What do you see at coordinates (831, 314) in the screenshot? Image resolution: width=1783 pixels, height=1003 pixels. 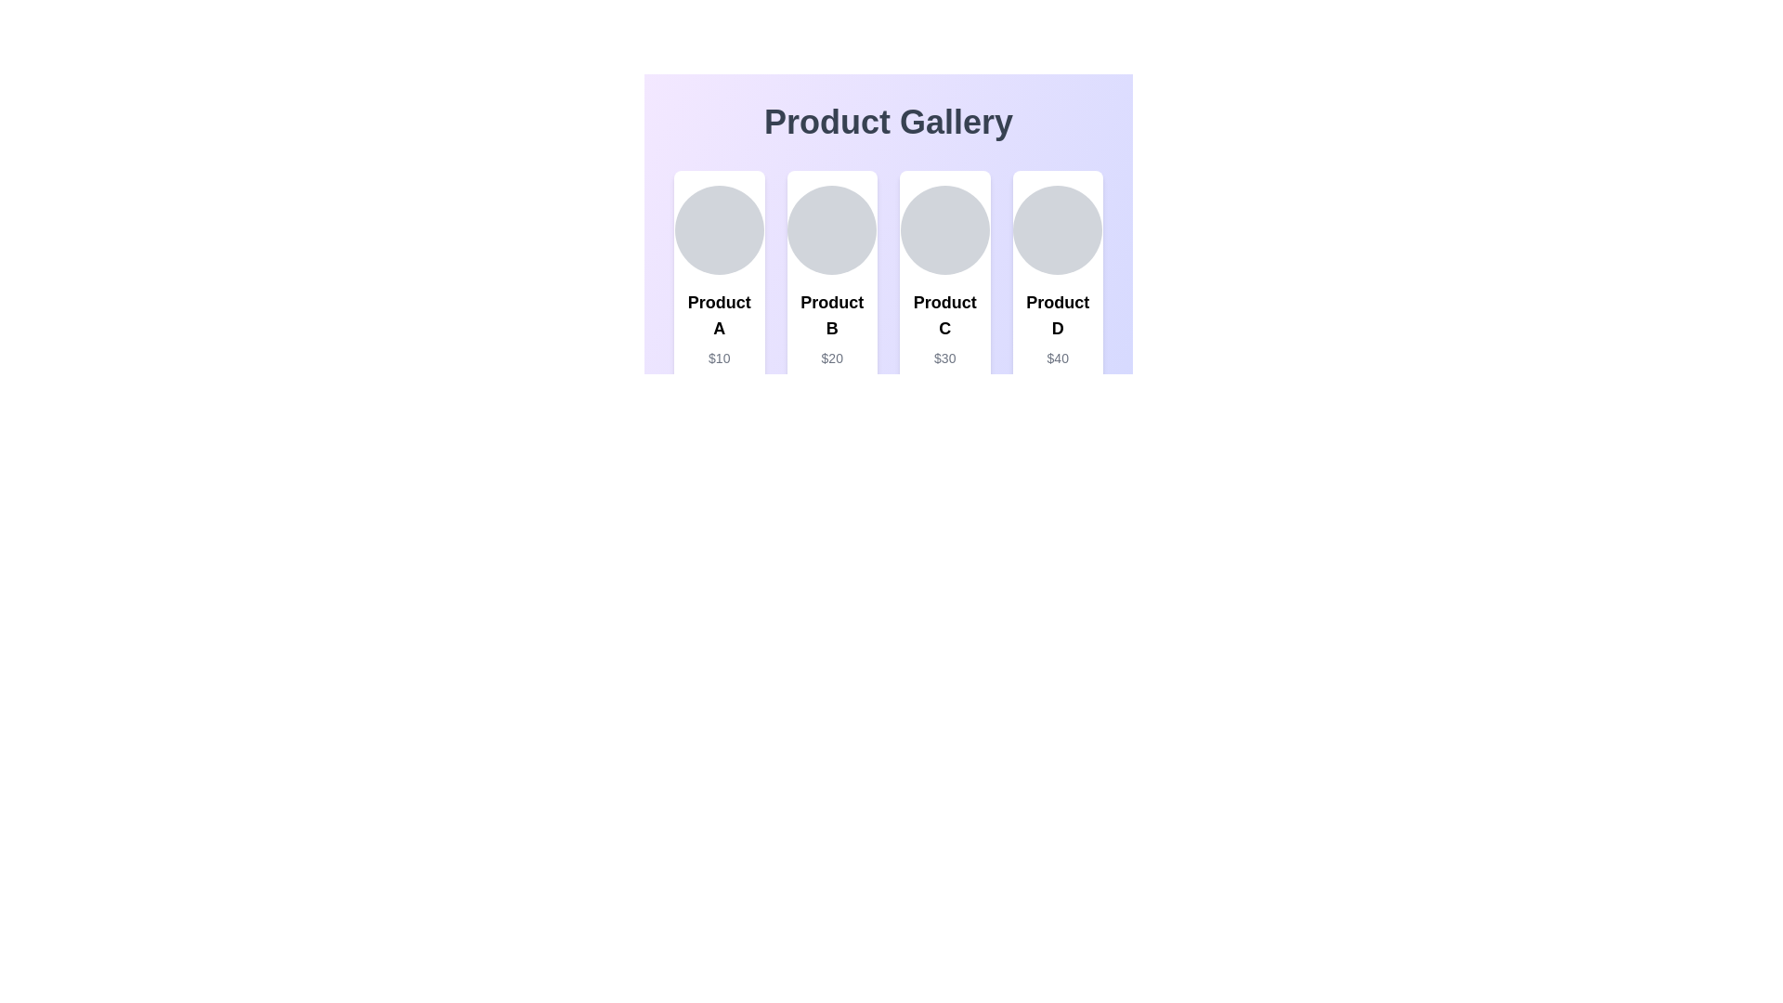 I see `the text label that serves as the title for the product in the second card, which is centrally located beneath the image and above the price` at bounding box center [831, 314].